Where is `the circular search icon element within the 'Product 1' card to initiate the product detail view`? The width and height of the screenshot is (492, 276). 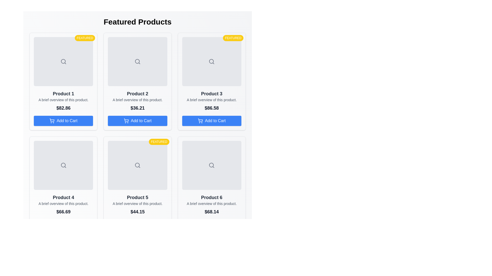 the circular search icon element within the 'Product 1' card to initiate the product detail view is located at coordinates (63, 61).